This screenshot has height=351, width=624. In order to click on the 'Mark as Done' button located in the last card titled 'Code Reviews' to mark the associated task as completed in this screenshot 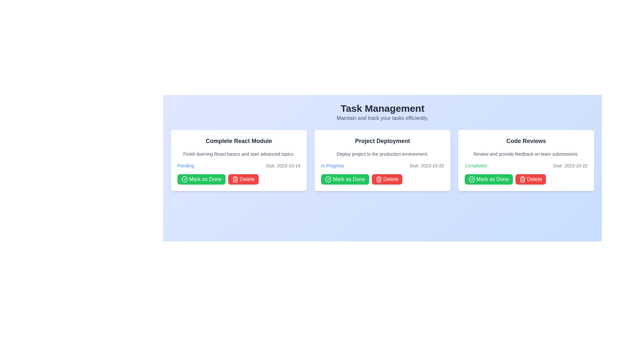, I will do `click(488, 179)`.